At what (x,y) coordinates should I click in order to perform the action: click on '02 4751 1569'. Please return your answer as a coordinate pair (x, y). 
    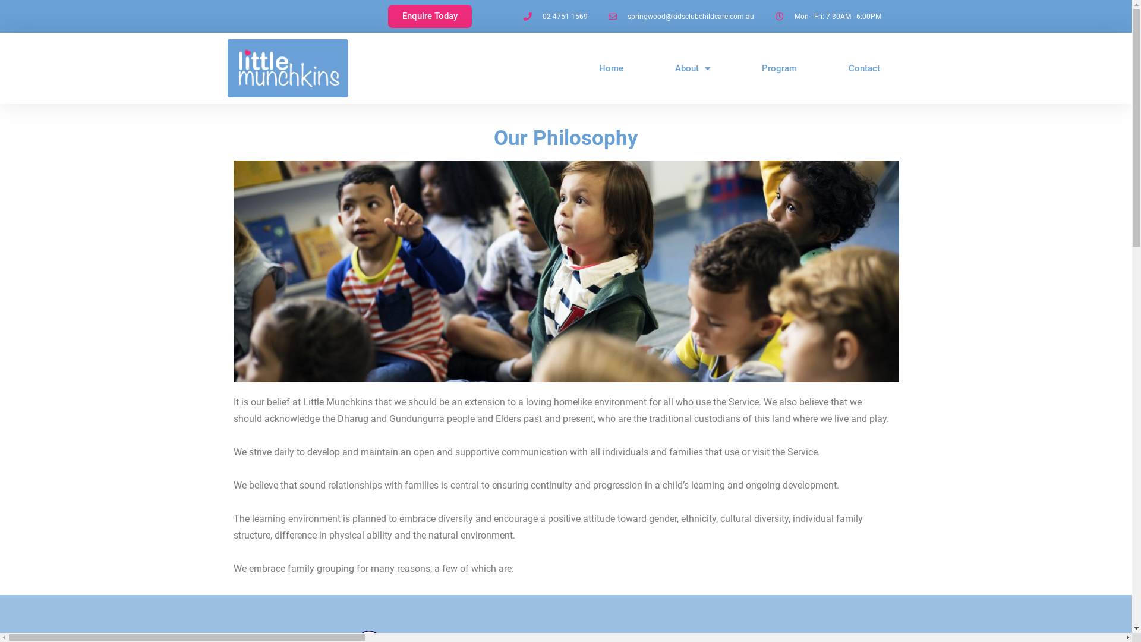
    Looking at the image, I should click on (553, 16).